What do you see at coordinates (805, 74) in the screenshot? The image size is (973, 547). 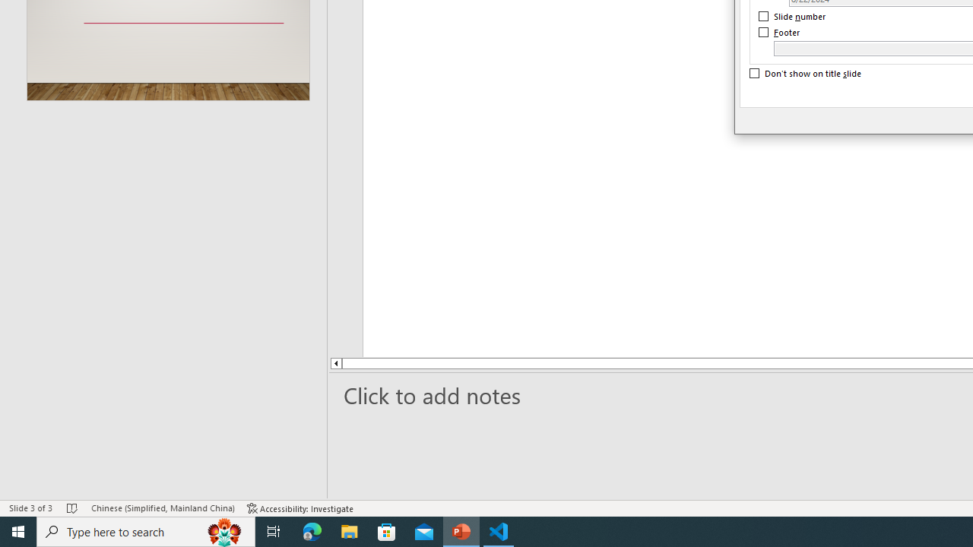 I see `'Don'` at bounding box center [805, 74].